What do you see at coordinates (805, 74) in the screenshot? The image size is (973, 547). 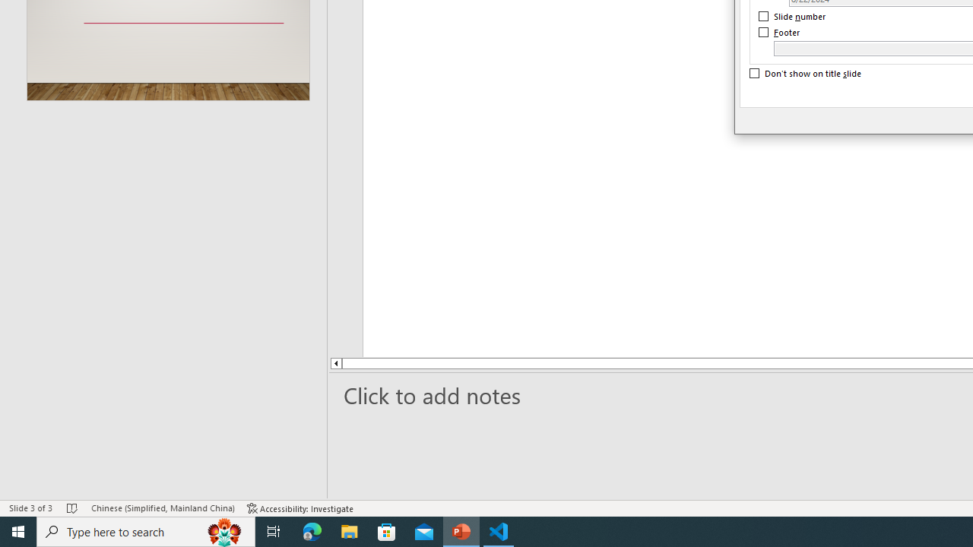 I see `'Don'` at bounding box center [805, 74].